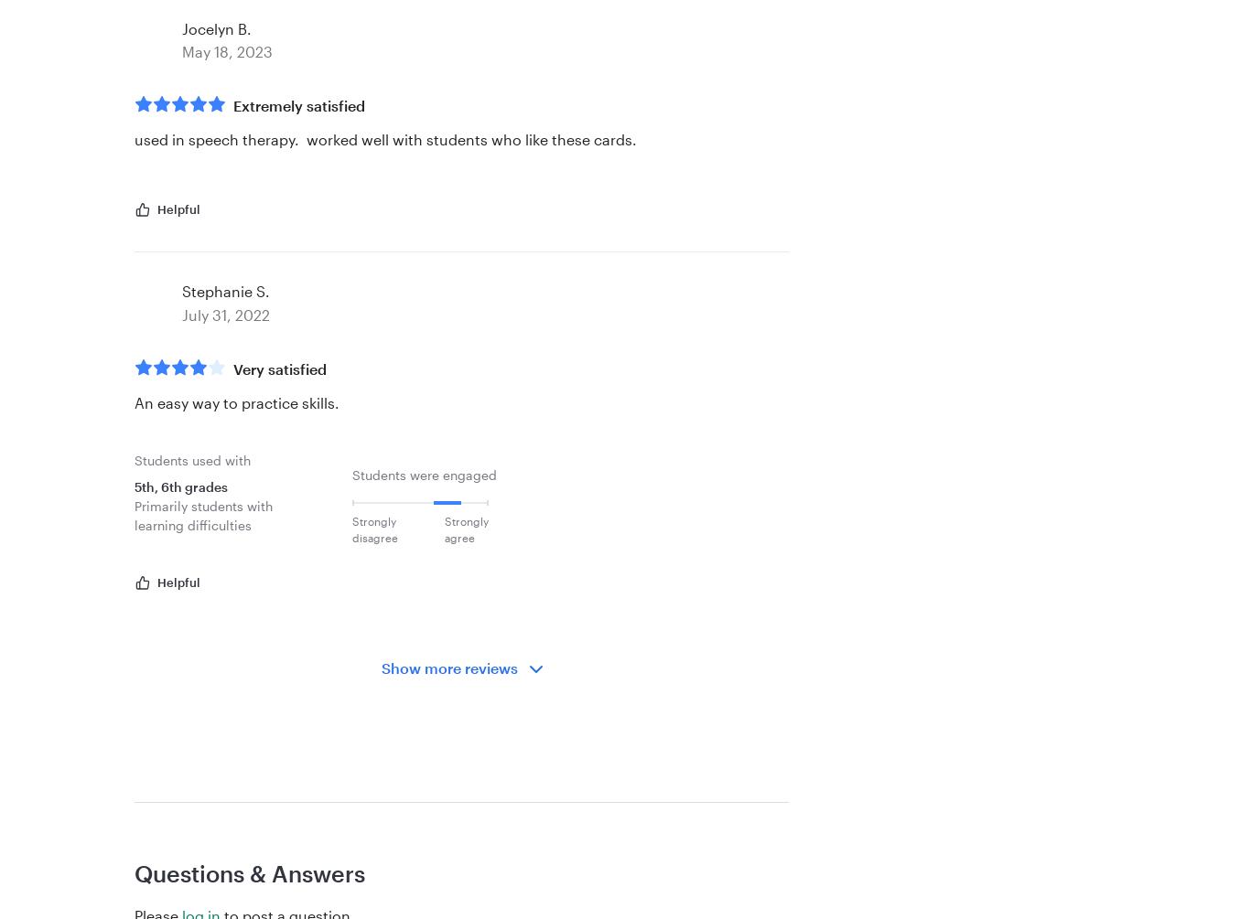 The width and height of the screenshot is (1250, 919). I want to click on 'Stephanie S.', so click(225, 290).